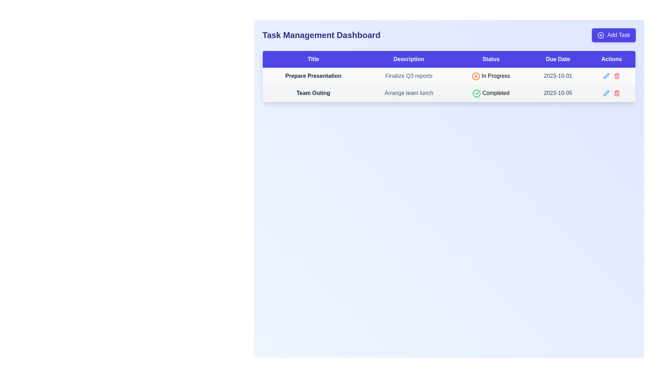 The height and width of the screenshot is (377, 670). I want to click on the red trash icon button located in the 'Actions' column of the first row of the table, so click(617, 76).